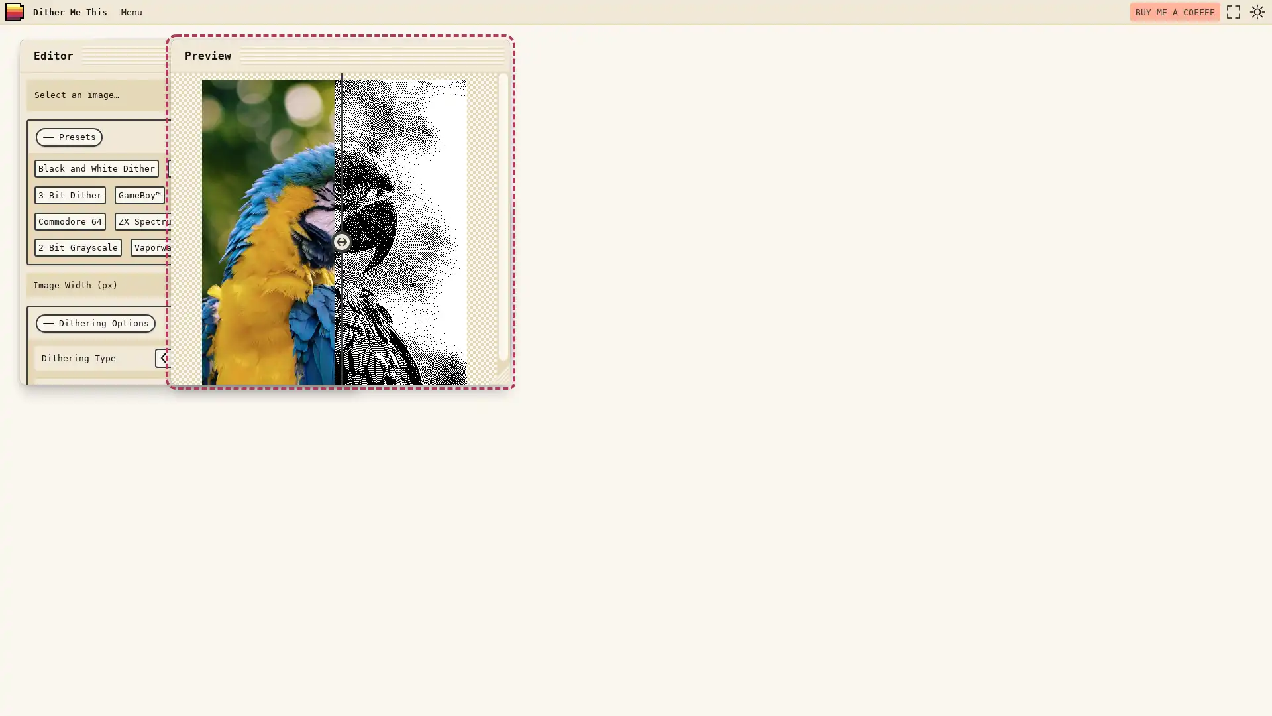 The height and width of the screenshot is (716, 1272). I want to click on Commodore 64, so click(69, 220).